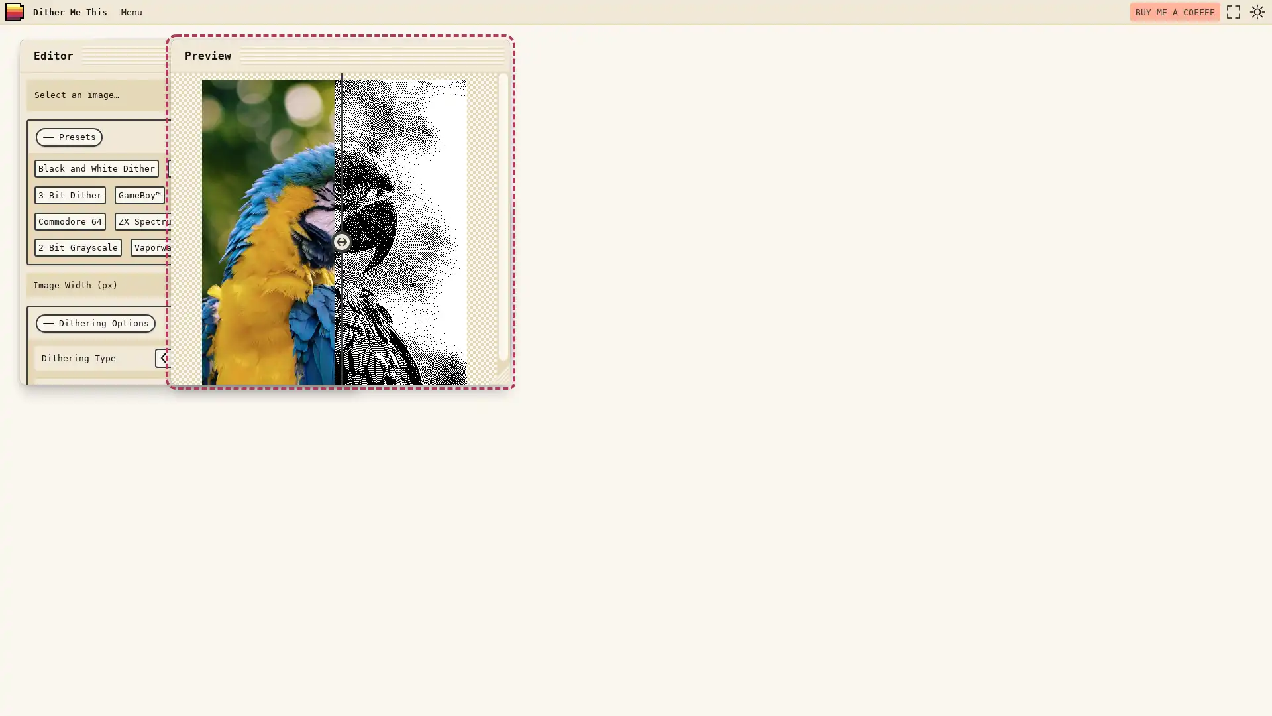 The height and width of the screenshot is (716, 1272). I want to click on Commodore 64, so click(69, 220).